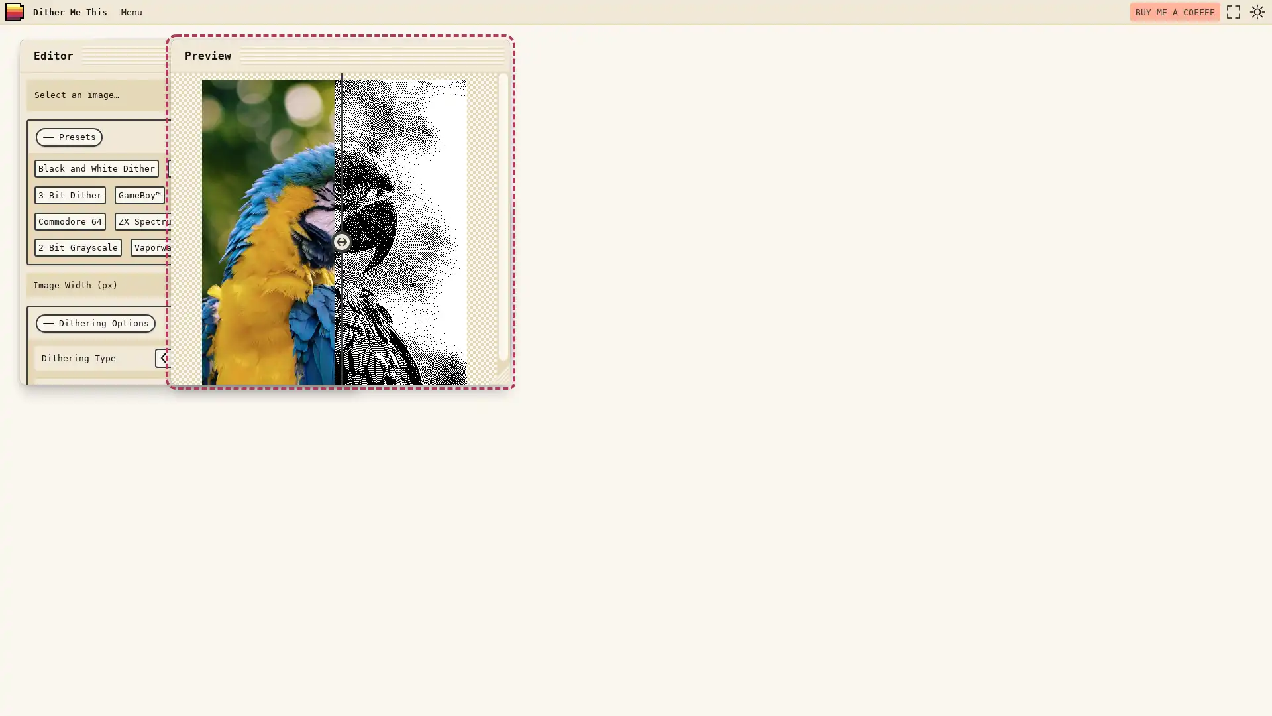 The height and width of the screenshot is (716, 1272). I want to click on Commodore 64, so click(69, 220).